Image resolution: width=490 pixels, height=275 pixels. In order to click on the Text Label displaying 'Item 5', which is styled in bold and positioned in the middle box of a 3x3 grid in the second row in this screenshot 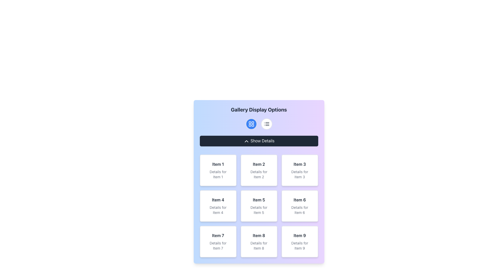, I will do `click(259, 199)`.